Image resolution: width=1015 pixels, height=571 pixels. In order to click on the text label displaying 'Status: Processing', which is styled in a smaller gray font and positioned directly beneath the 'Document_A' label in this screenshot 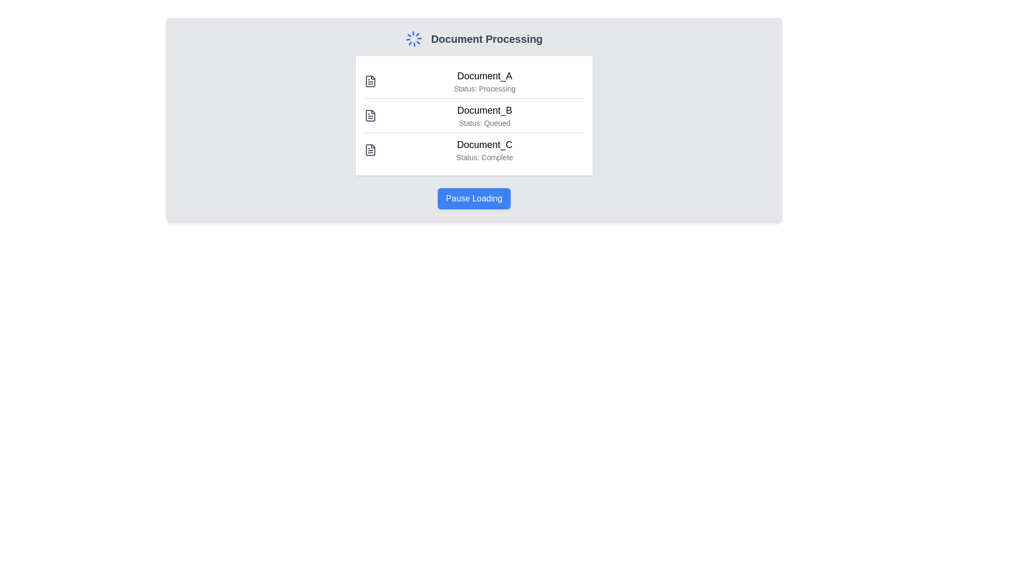, I will do `click(484, 88)`.